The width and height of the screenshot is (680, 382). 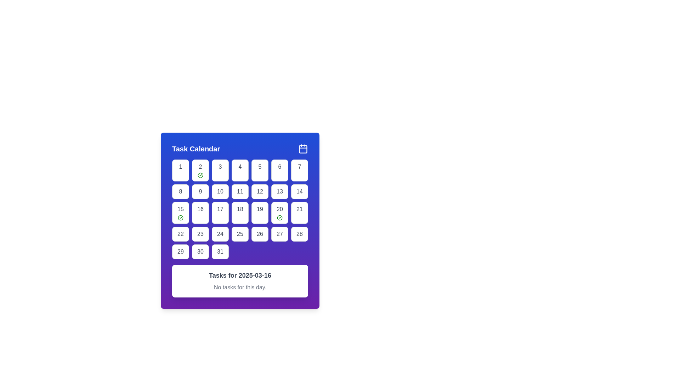 What do you see at coordinates (279, 192) in the screenshot?
I see `the text label indicating the 13th day in the calendar interface` at bounding box center [279, 192].